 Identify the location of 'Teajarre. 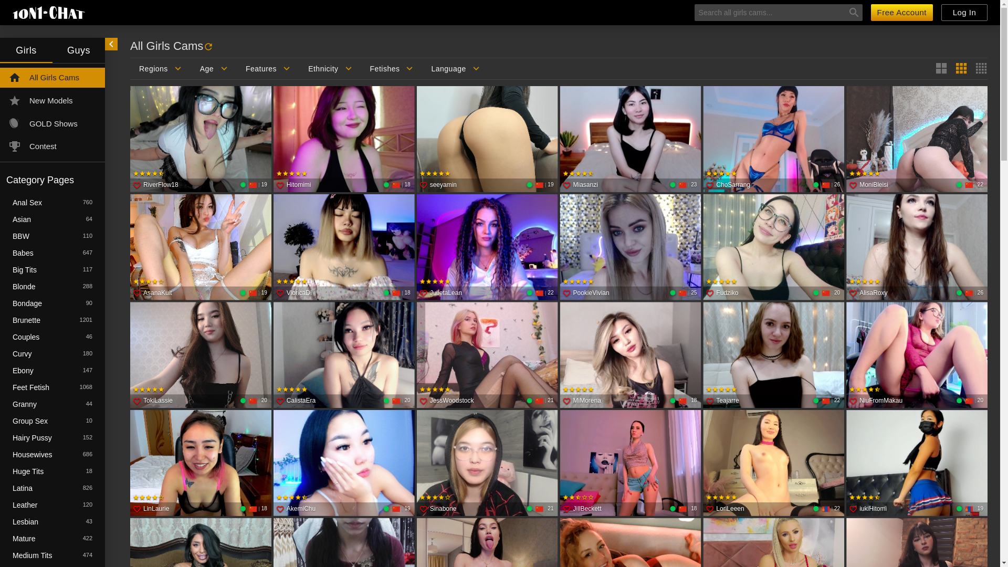
(773, 355).